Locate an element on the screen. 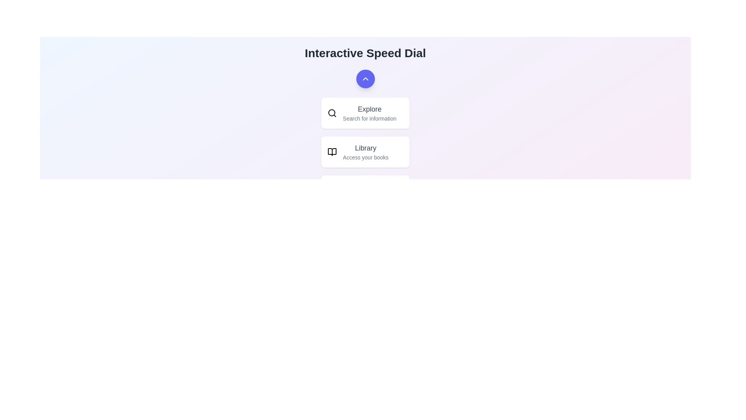  the 'Library' button to access books is located at coordinates (365, 152).